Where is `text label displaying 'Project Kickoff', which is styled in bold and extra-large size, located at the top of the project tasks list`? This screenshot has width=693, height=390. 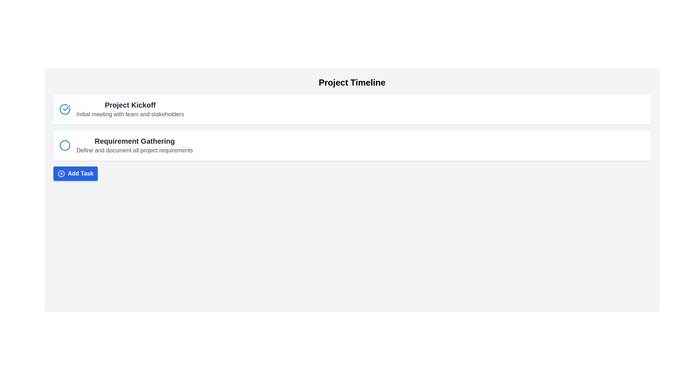
text label displaying 'Project Kickoff', which is styled in bold and extra-large size, located at the top of the project tasks list is located at coordinates (130, 105).